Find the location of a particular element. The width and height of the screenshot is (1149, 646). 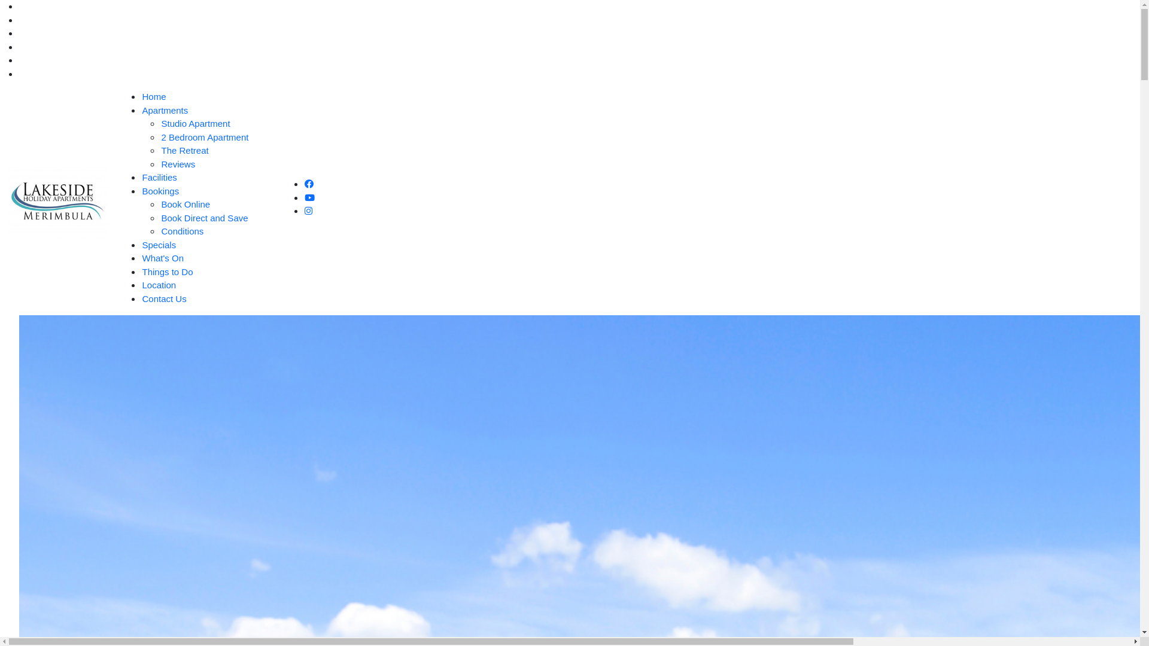

'Contact Us' is located at coordinates (163, 297).